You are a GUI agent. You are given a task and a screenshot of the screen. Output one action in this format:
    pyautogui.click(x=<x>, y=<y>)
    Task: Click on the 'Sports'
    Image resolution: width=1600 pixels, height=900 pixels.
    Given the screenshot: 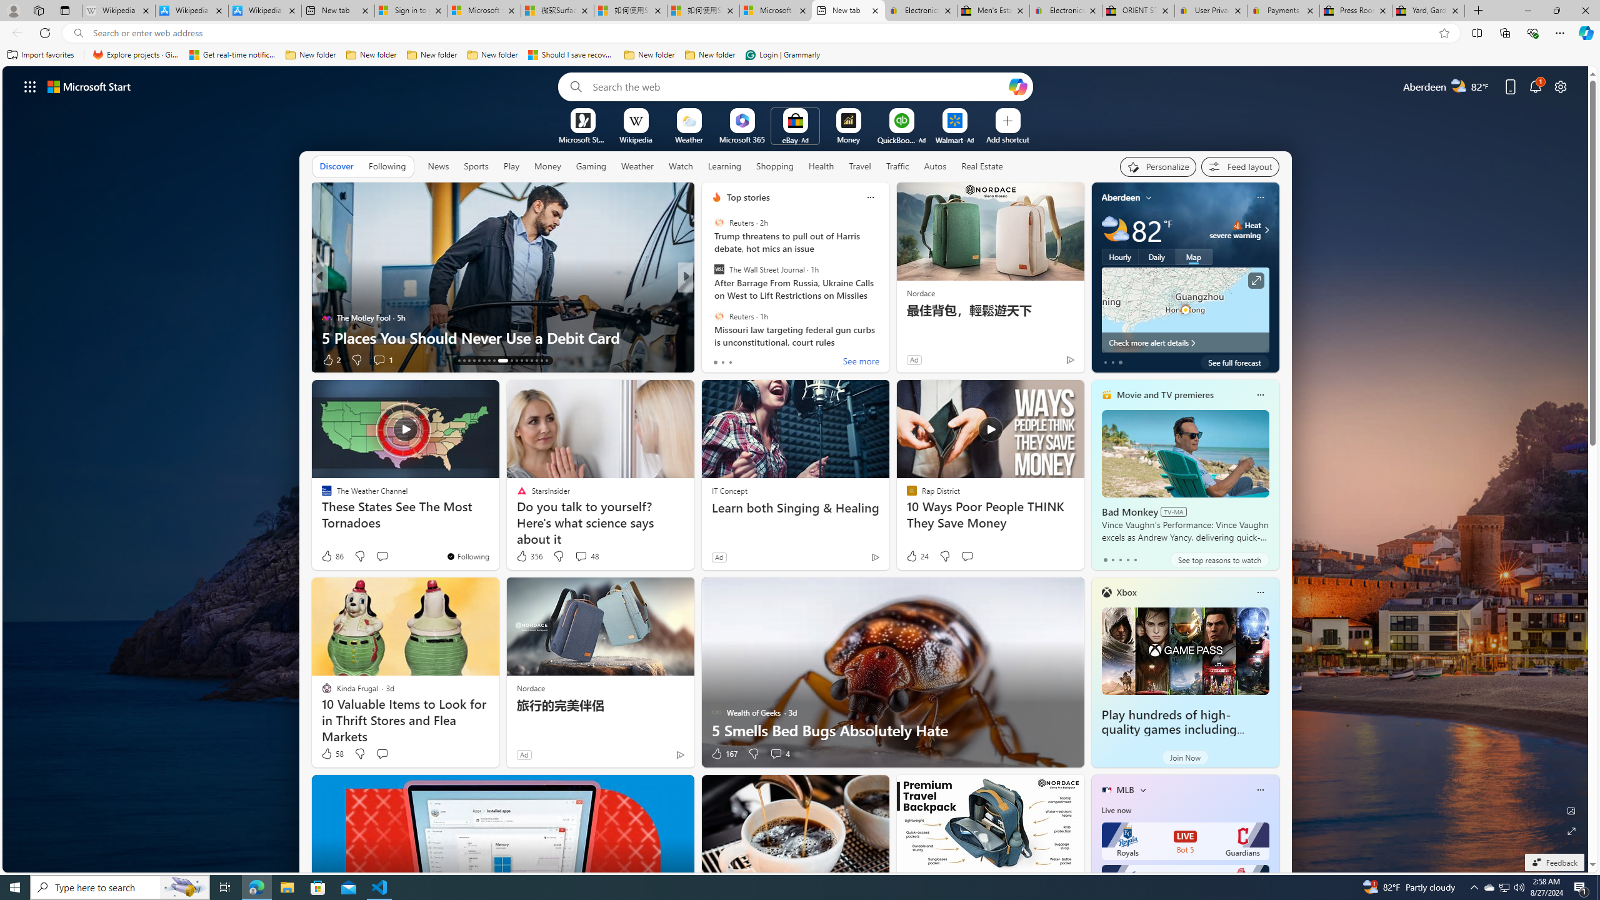 What is the action you would take?
    pyautogui.click(x=476, y=165)
    